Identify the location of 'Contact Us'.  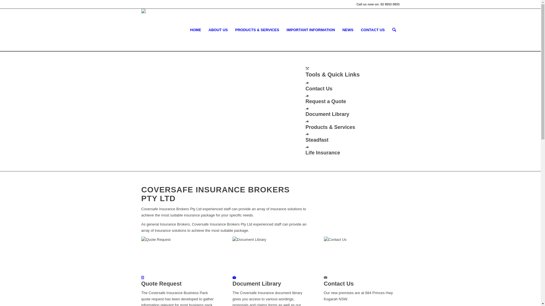
(324, 255).